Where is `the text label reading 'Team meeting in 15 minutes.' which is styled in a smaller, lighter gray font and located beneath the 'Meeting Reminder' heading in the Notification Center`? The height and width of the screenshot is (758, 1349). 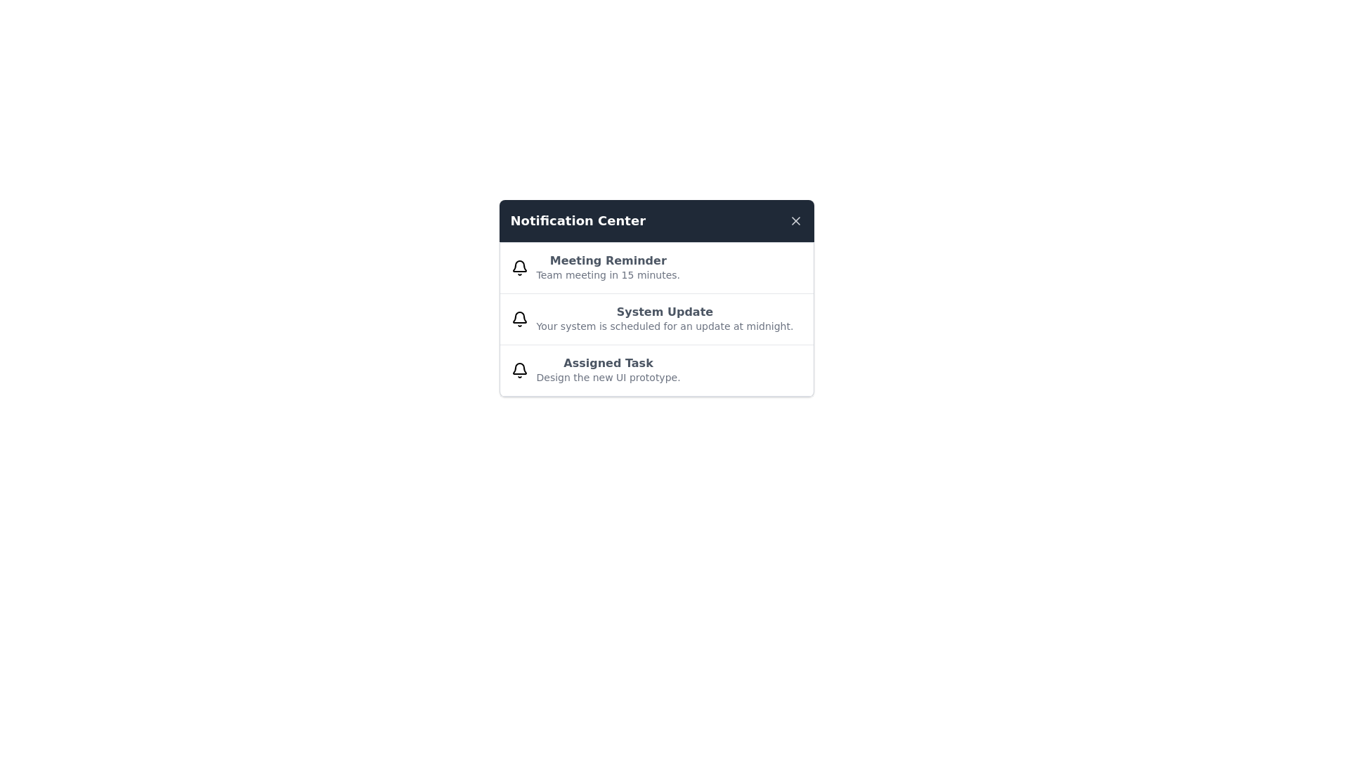
the text label reading 'Team meeting in 15 minutes.' which is styled in a smaller, lighter gray font and located beneath the 'Meeting Reminder' heading in the Notification Center is located at coordinates (608, 275).